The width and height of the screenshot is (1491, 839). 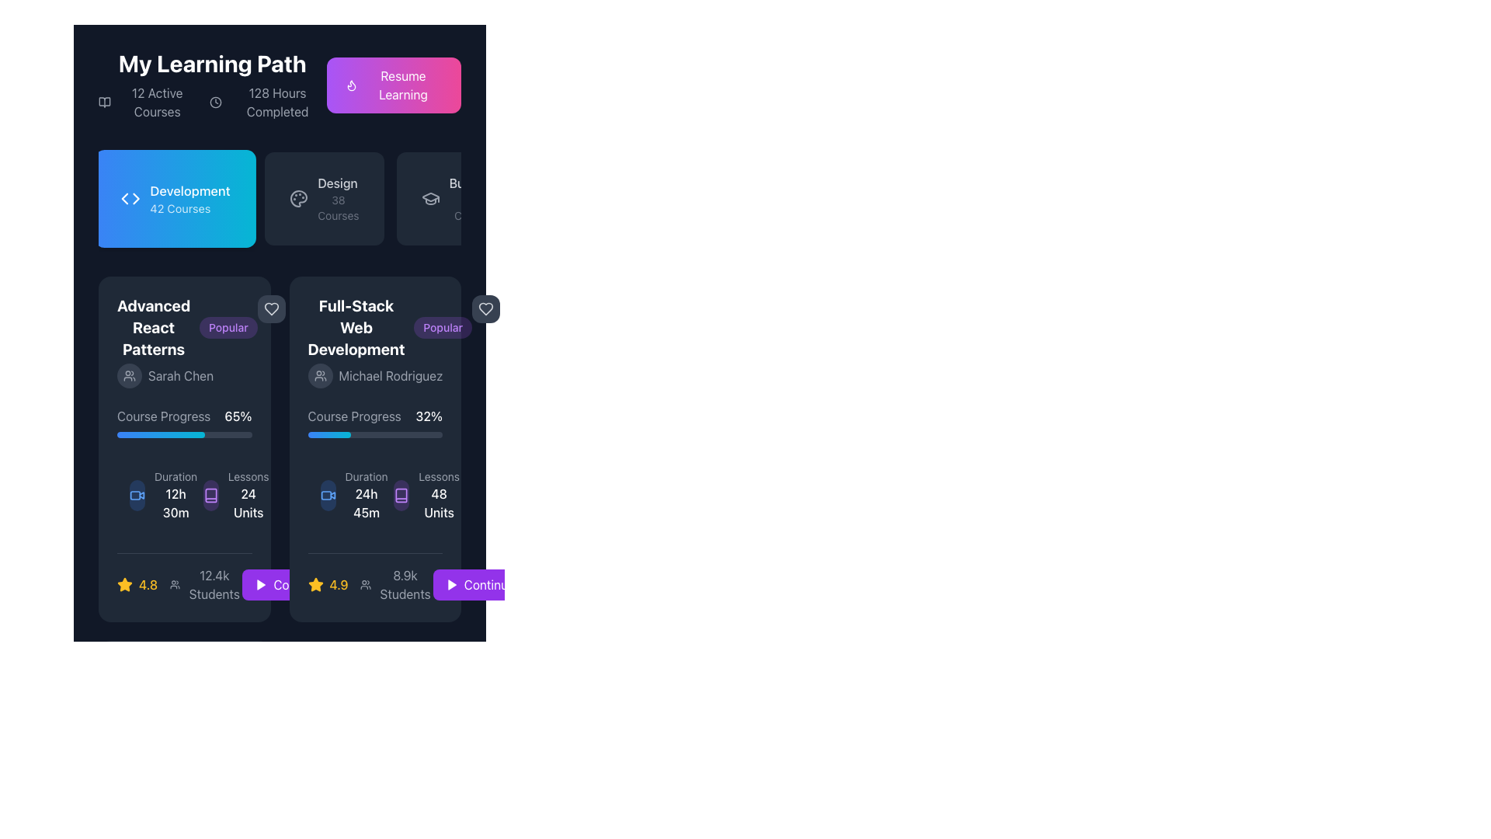 I want to click on the 'Popular' informational badge, which is a light purple rounded rectangular badge with bold purple text, so click(x=228, y=326).